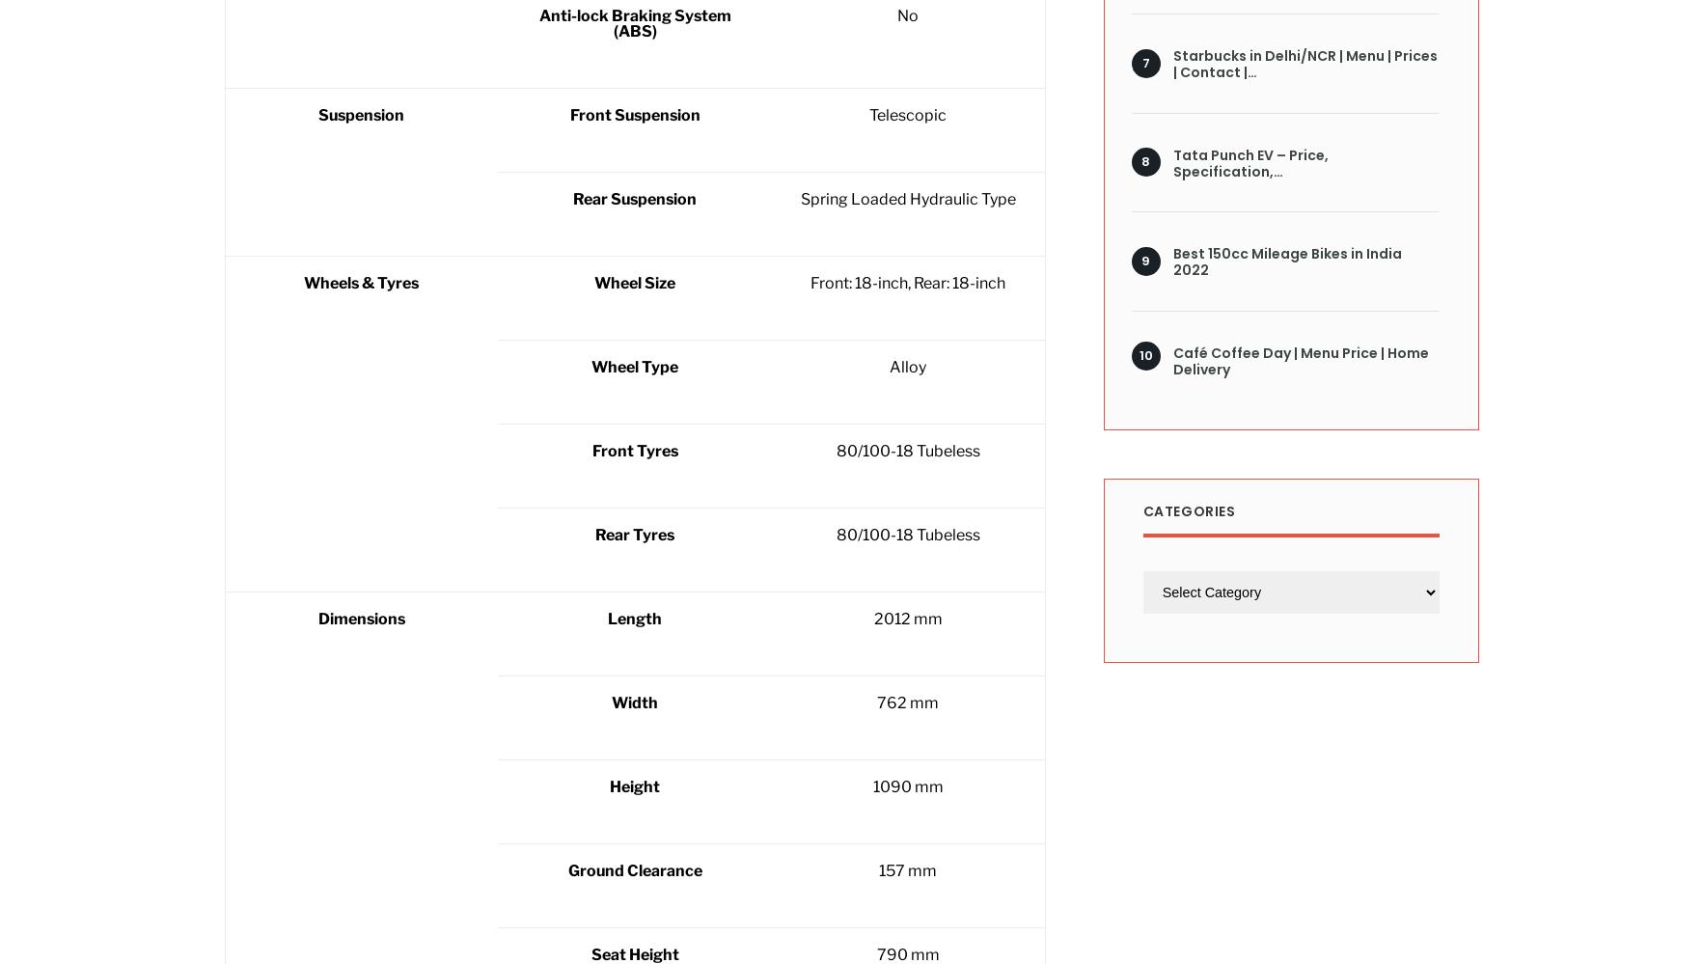 Image resolution: width=1703 pixels, height=964 pixels. Describe the element at coordinates (907, 870) in the screenshot. I see `'157 mm'` at that location.